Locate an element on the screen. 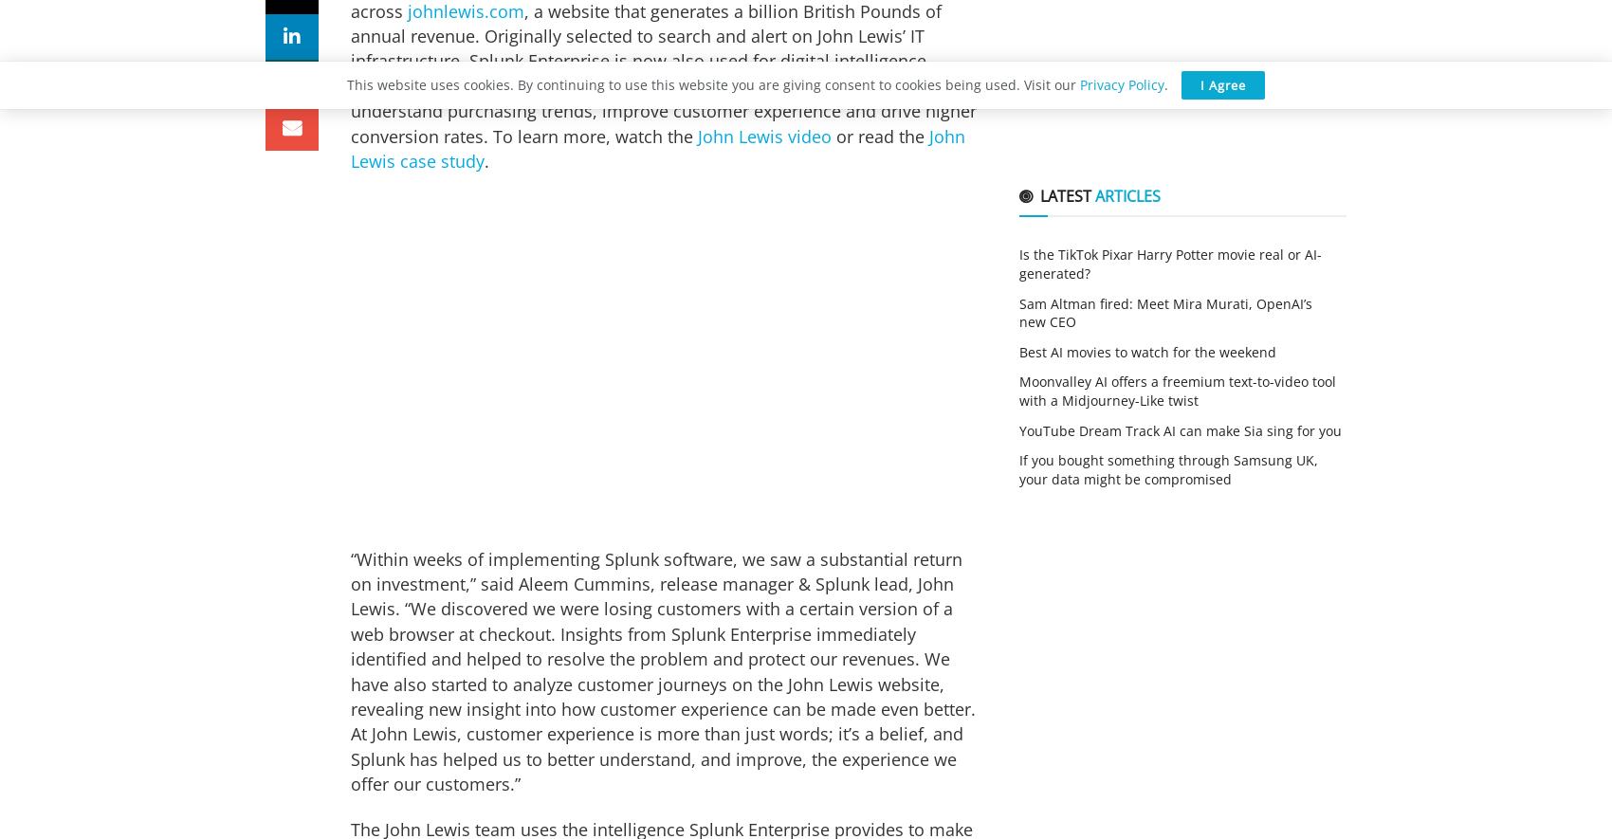 Image resolution: width=1612 pixels, height=839 pixels. 'YouTube Dream Track AI can make Sia sing for you' is located at coordinates (1019, 429).